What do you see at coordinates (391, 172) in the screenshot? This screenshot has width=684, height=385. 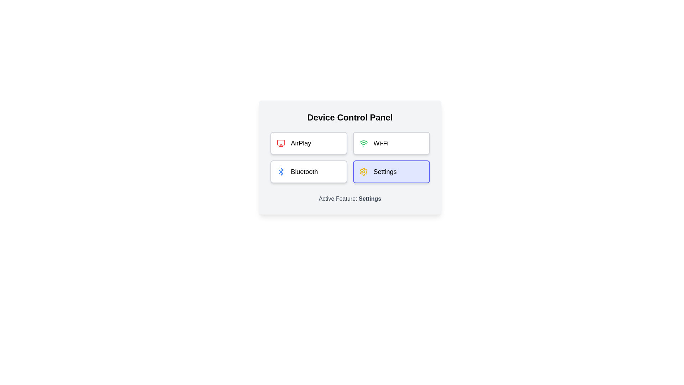 I see `the button corresponding to the feature Settings` at bounding box center [391, 172].